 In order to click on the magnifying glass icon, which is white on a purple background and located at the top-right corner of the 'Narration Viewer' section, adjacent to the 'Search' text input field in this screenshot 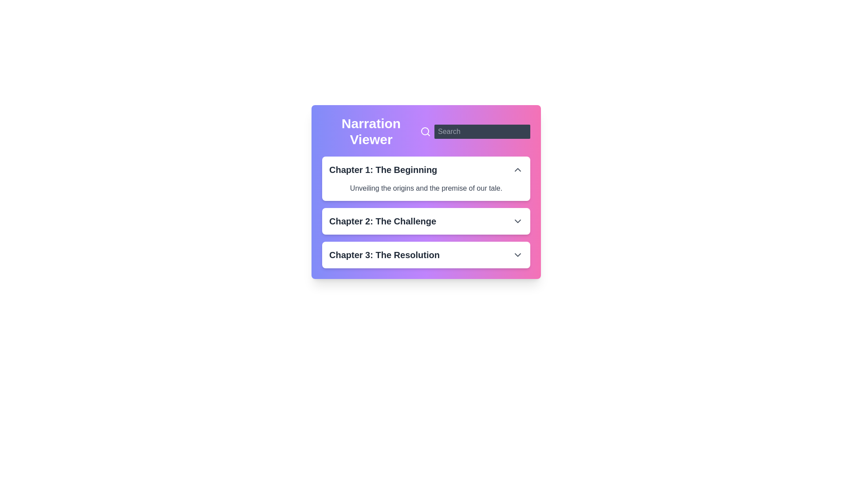, I will do `click(425, 132)`.